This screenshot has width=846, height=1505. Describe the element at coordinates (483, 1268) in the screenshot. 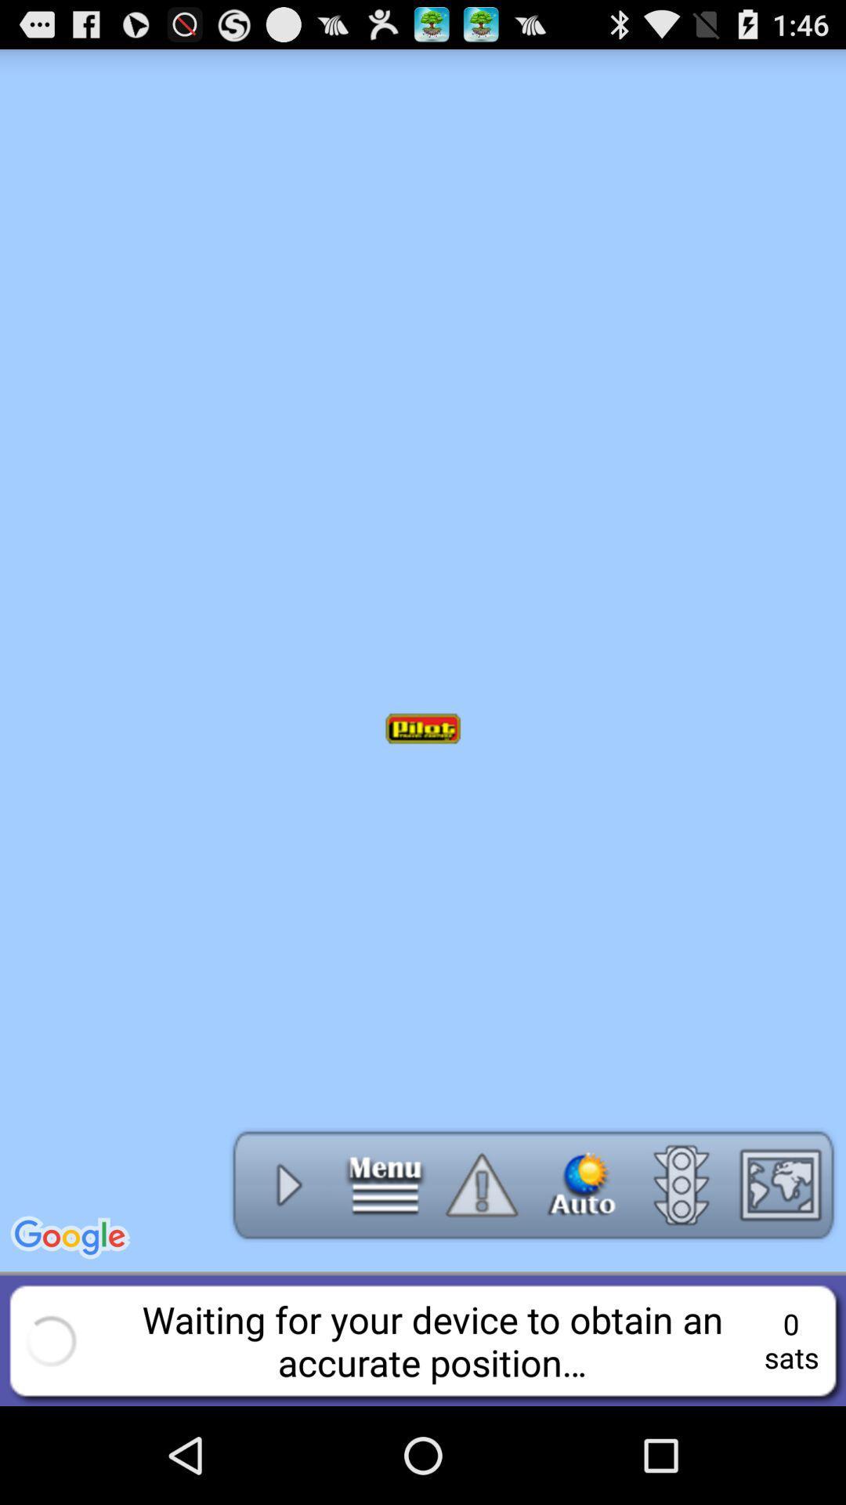

I see `the warning icon` at that location.